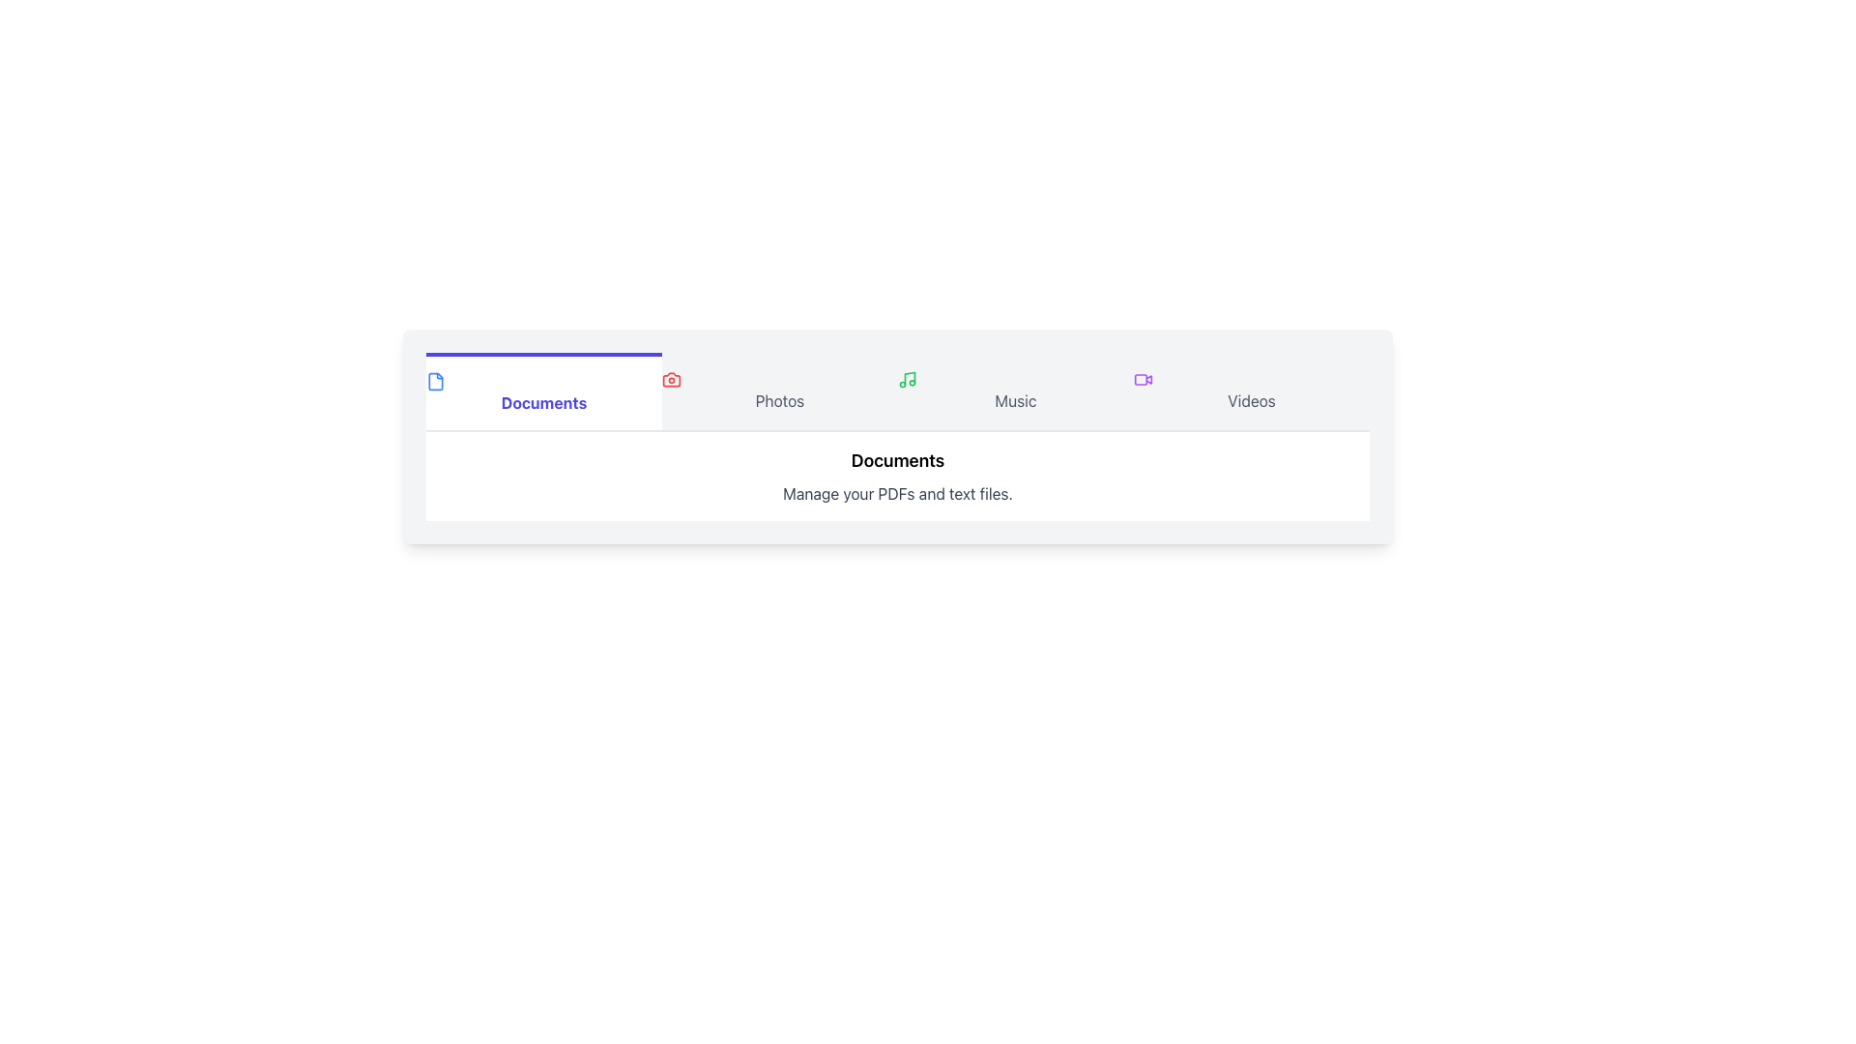  I want to click on the 'Documents' tab icon located at the leftmost side of the navigation bar, so click(435, 381).